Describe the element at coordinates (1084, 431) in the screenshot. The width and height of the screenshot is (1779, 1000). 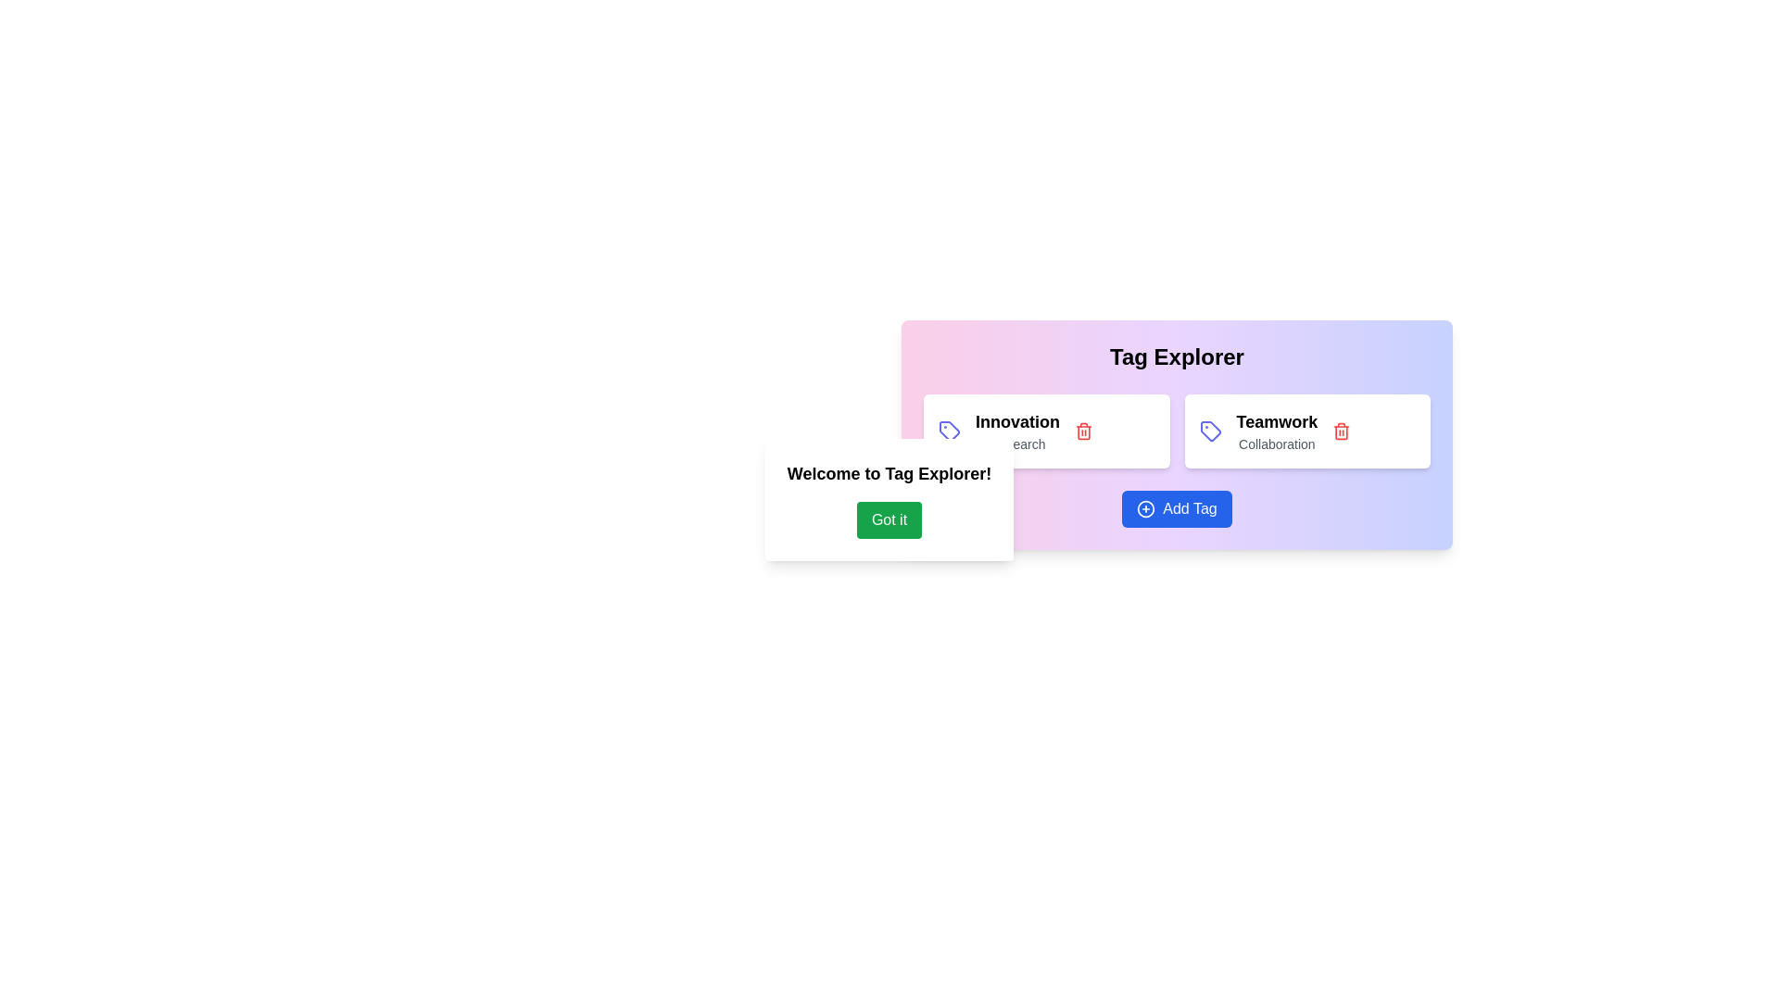
I see `the trash can icon representing the delete action within the control elements of the 'Innovation' tag, located to the left of the 'Add Tag' button` at that location.